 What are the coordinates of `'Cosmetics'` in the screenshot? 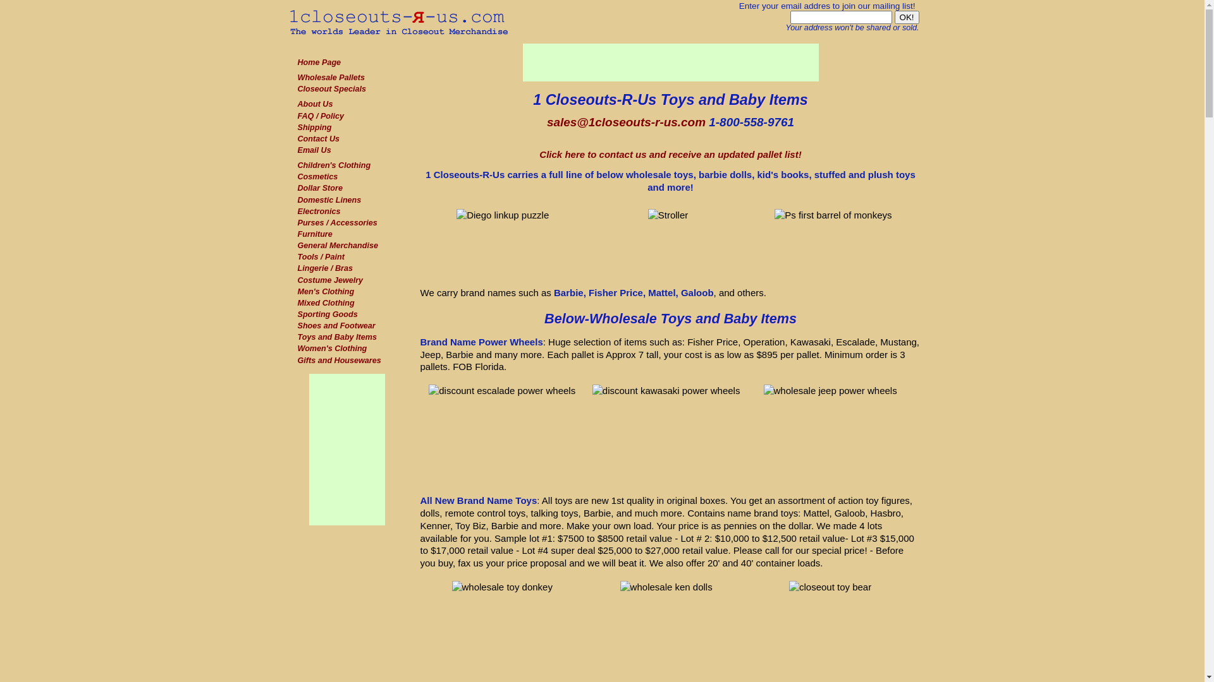 It's located at (317, 177).